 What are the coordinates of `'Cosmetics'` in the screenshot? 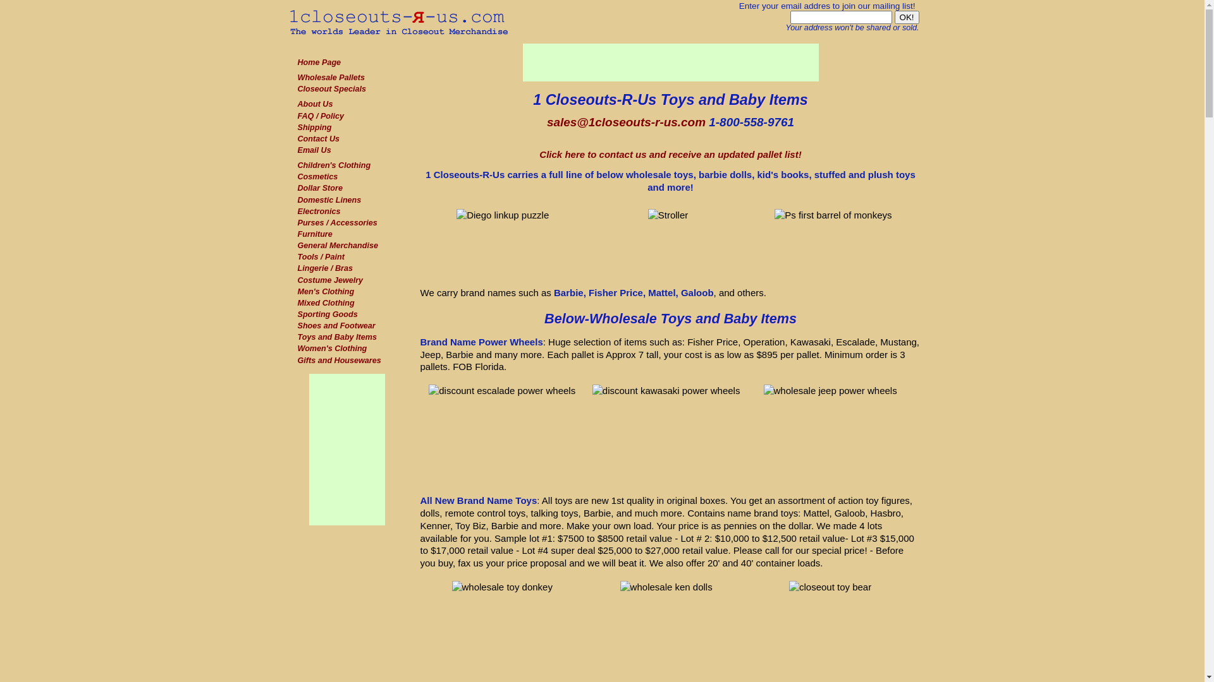 It's located at (317, 177).